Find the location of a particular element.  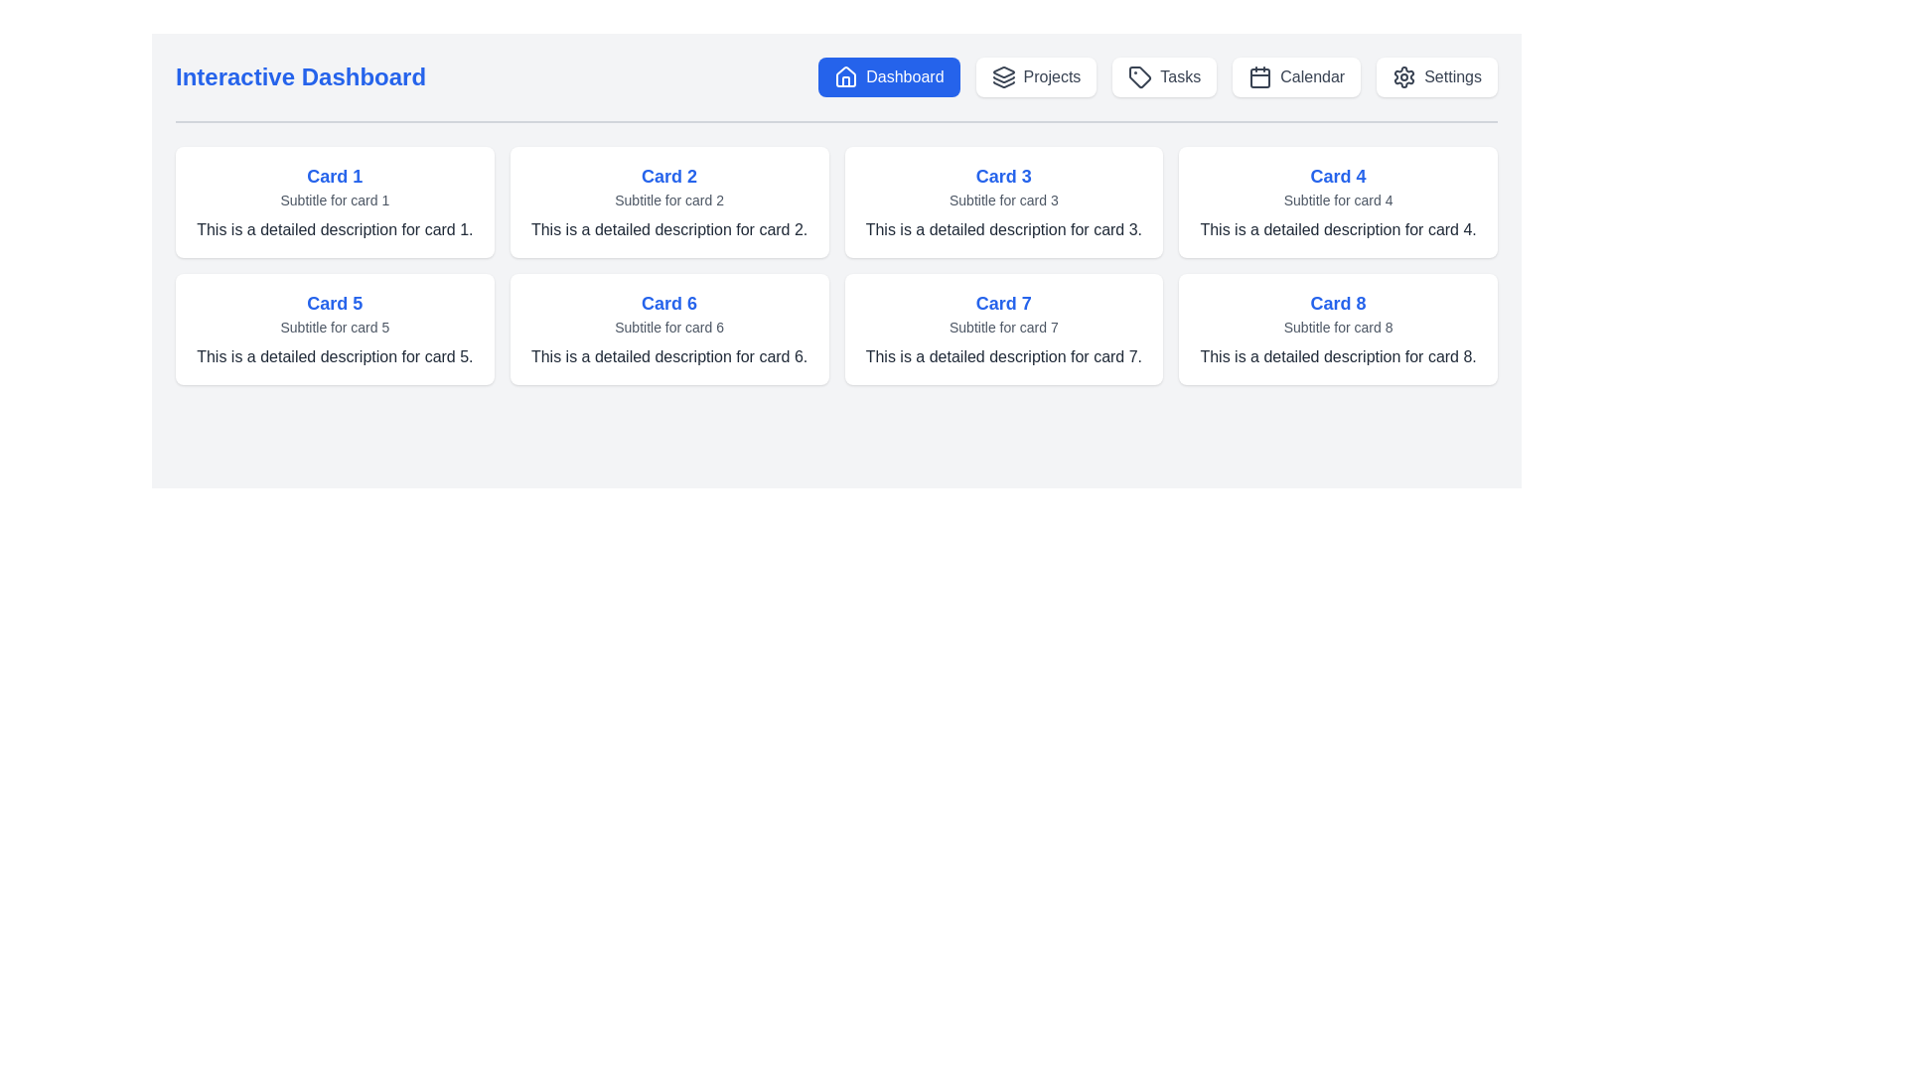

text displayed in the static label 'Card 6', which is prominently shown in a bold blue font within a white card component is located at coordinates (669, 303).